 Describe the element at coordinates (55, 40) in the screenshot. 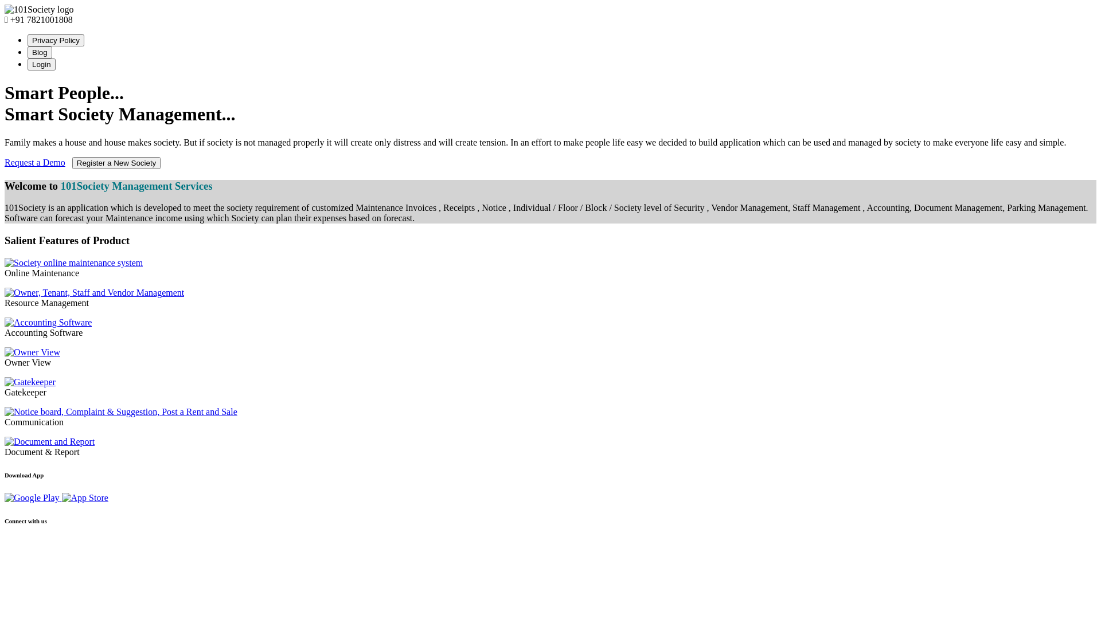

I see `'Privacy Policy'` at that location.